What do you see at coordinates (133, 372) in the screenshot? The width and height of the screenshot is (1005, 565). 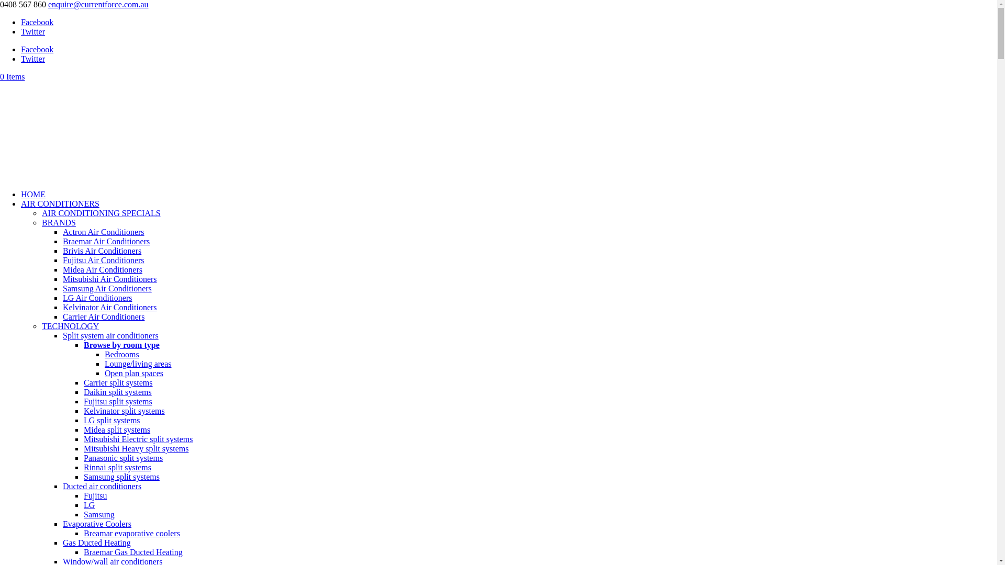 I see `'Open plan spaces'` at bounding box center [133, 372].